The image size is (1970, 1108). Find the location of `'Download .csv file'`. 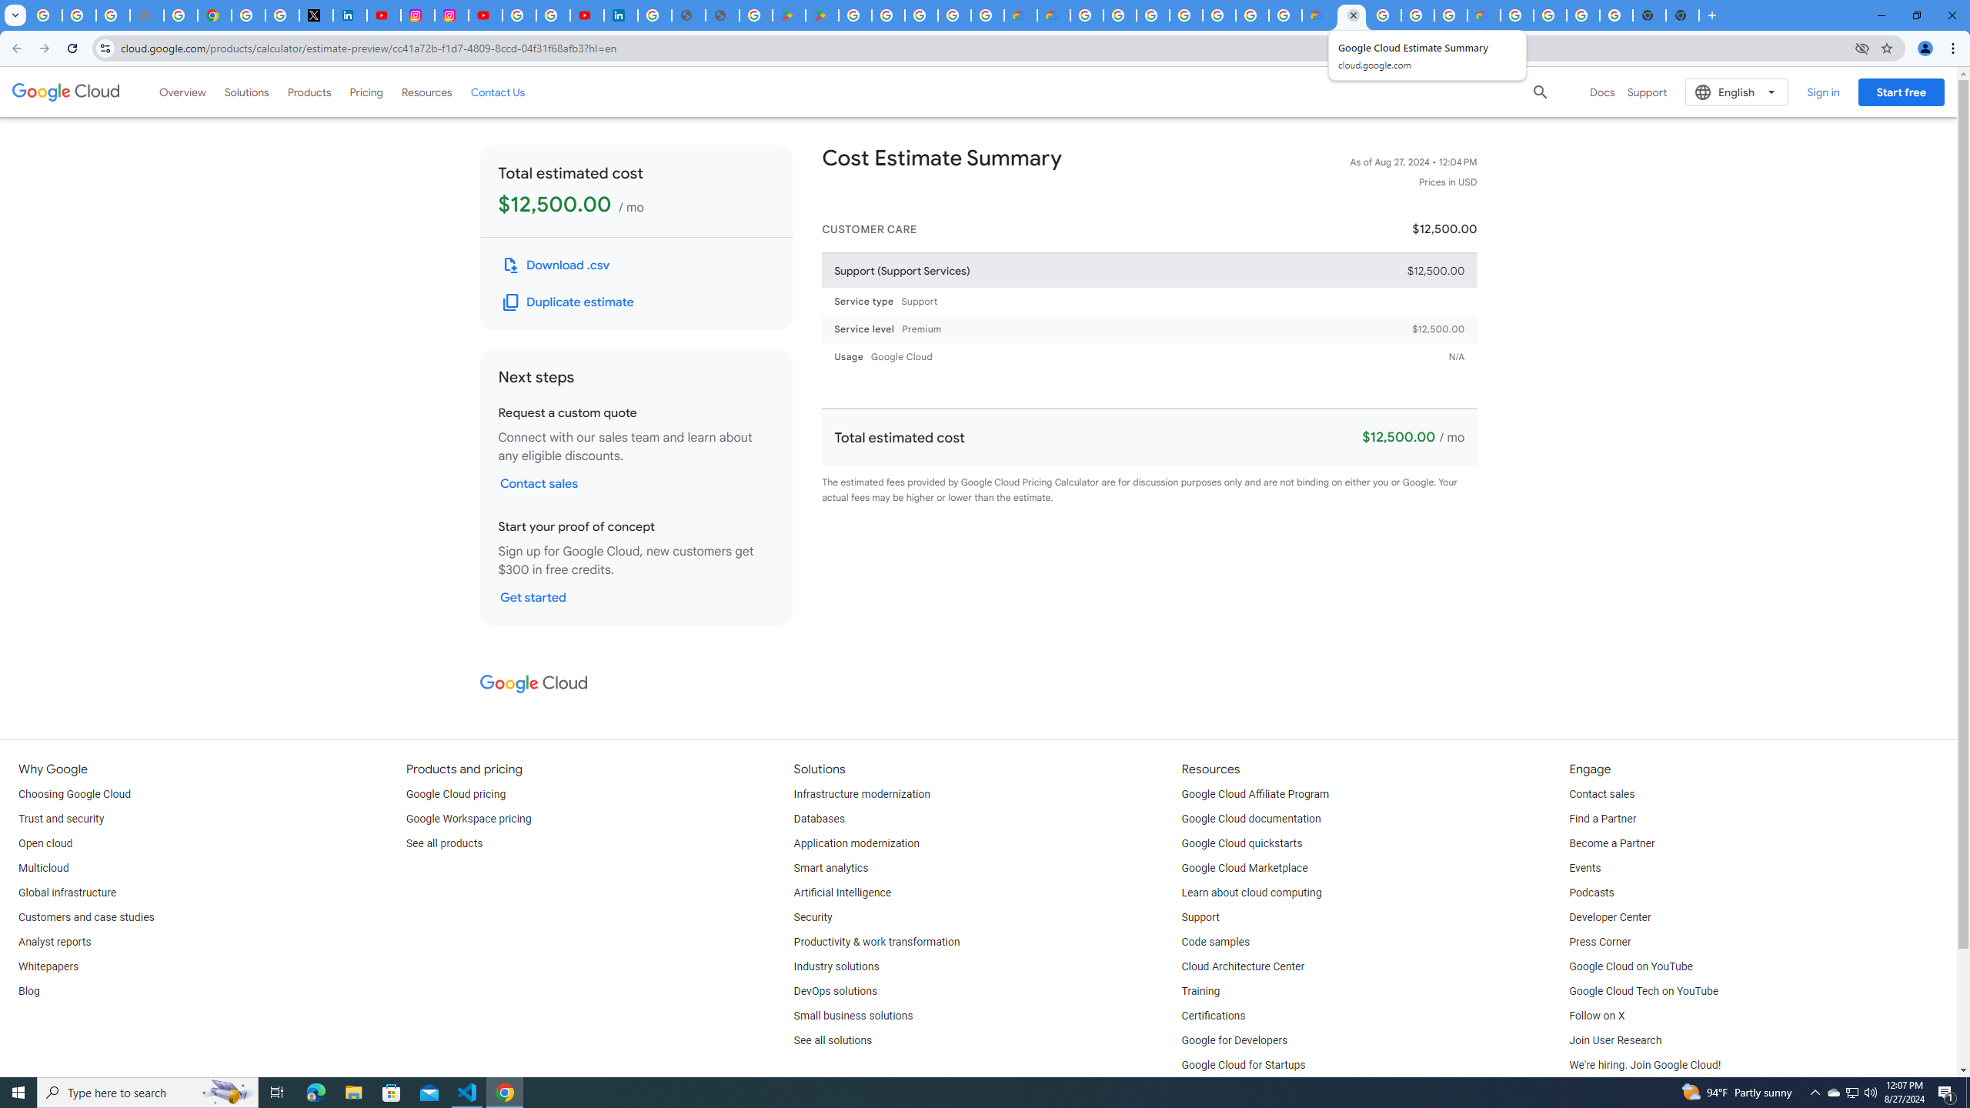

'Download .csv file' is located at coordinates (556, 265).